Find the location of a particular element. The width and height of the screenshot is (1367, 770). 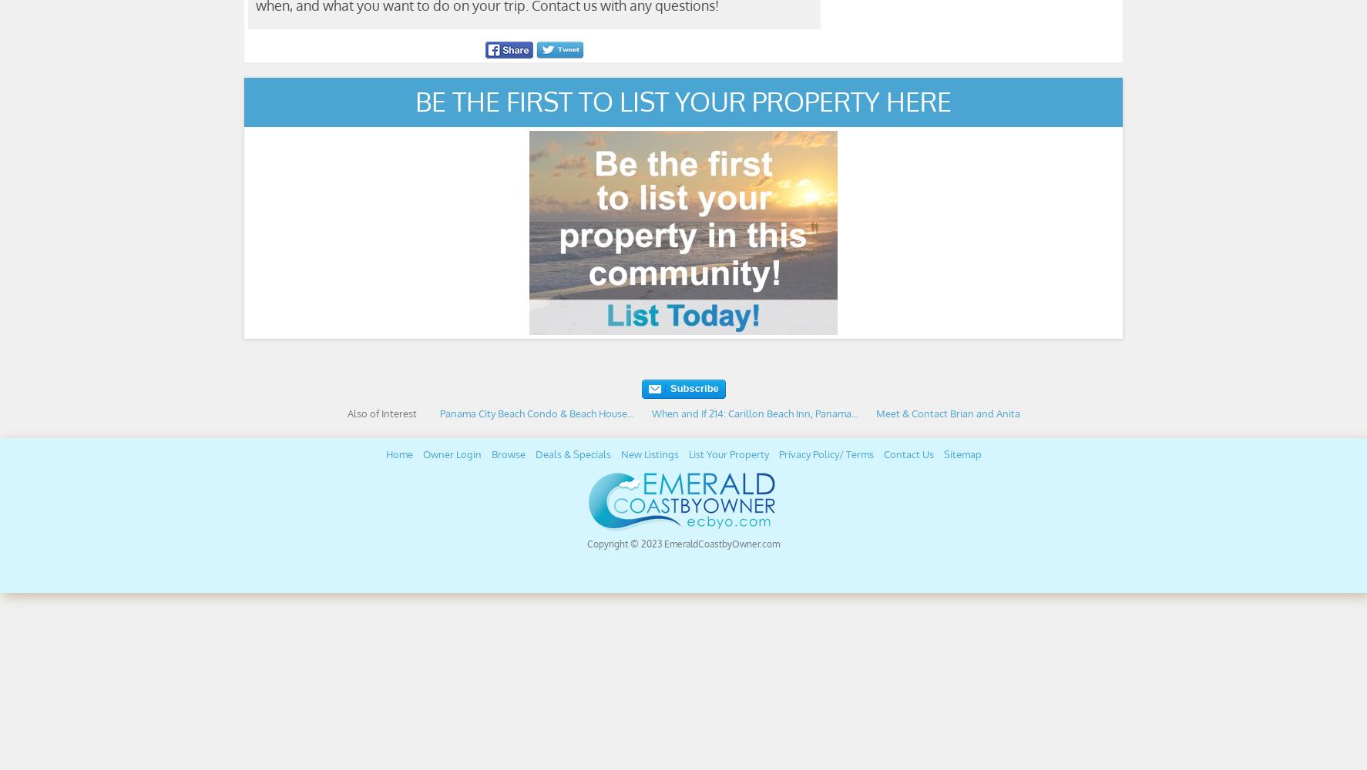

'List Your Property' is located at coordinates (687, 454).